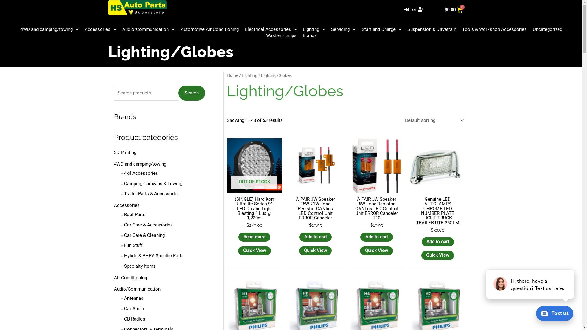 The height and width of the screenshot is (330, 587). Describe the element at coordinates (124, 309) in the screenshot. I see `'Car Audio'` at that location.